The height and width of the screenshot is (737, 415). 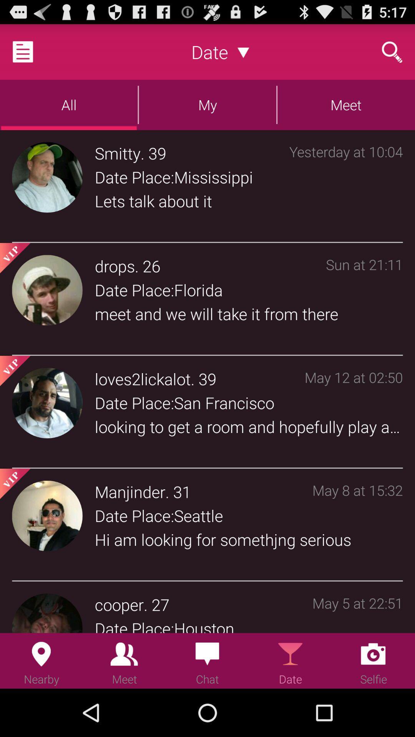 I want to click on icon to the left of .  icon, so click(x=129, y=492).